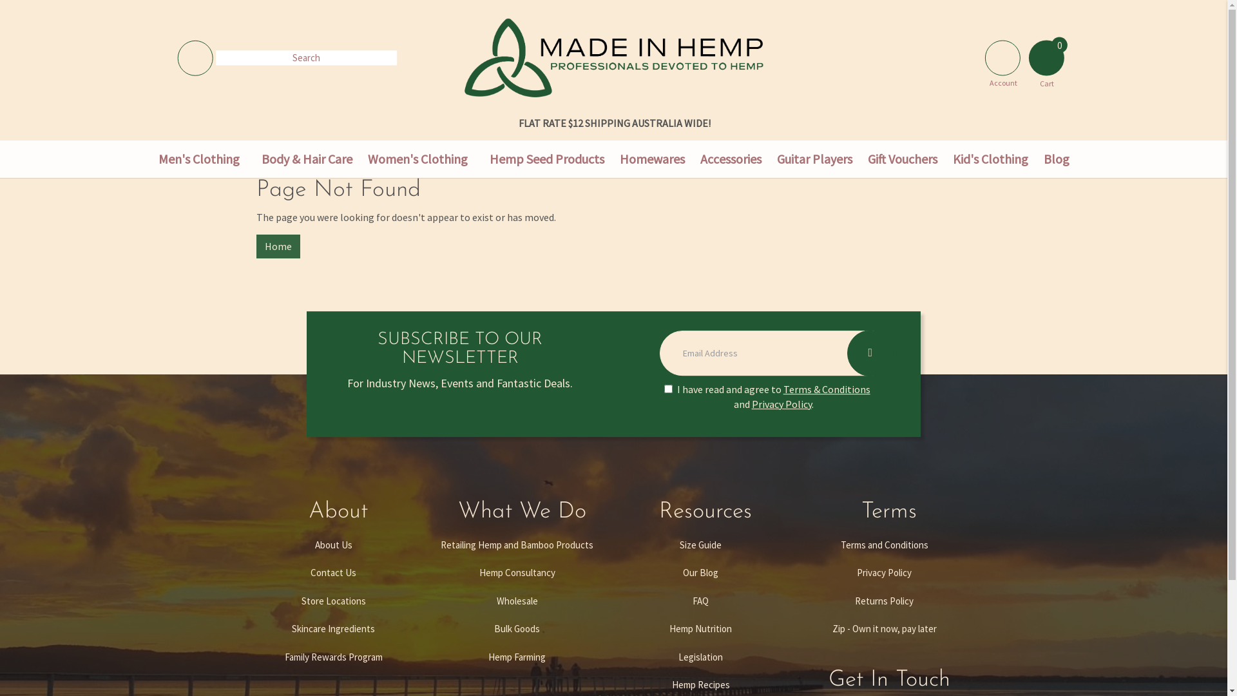 This screenshot has width=1237, height=696. Describe the element at coordinates (517, 657) in the screenshot. I see `'Hemp Farming'` at that location.